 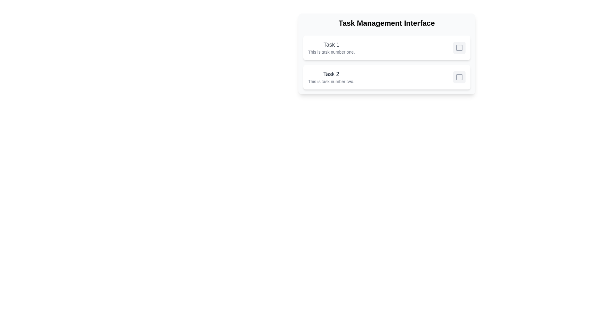 I want to click on the clickable icon representing Task 2, located at the end of the task row, aligned horizontally to the right edge of the second task entry, so click(x=459, y=77).